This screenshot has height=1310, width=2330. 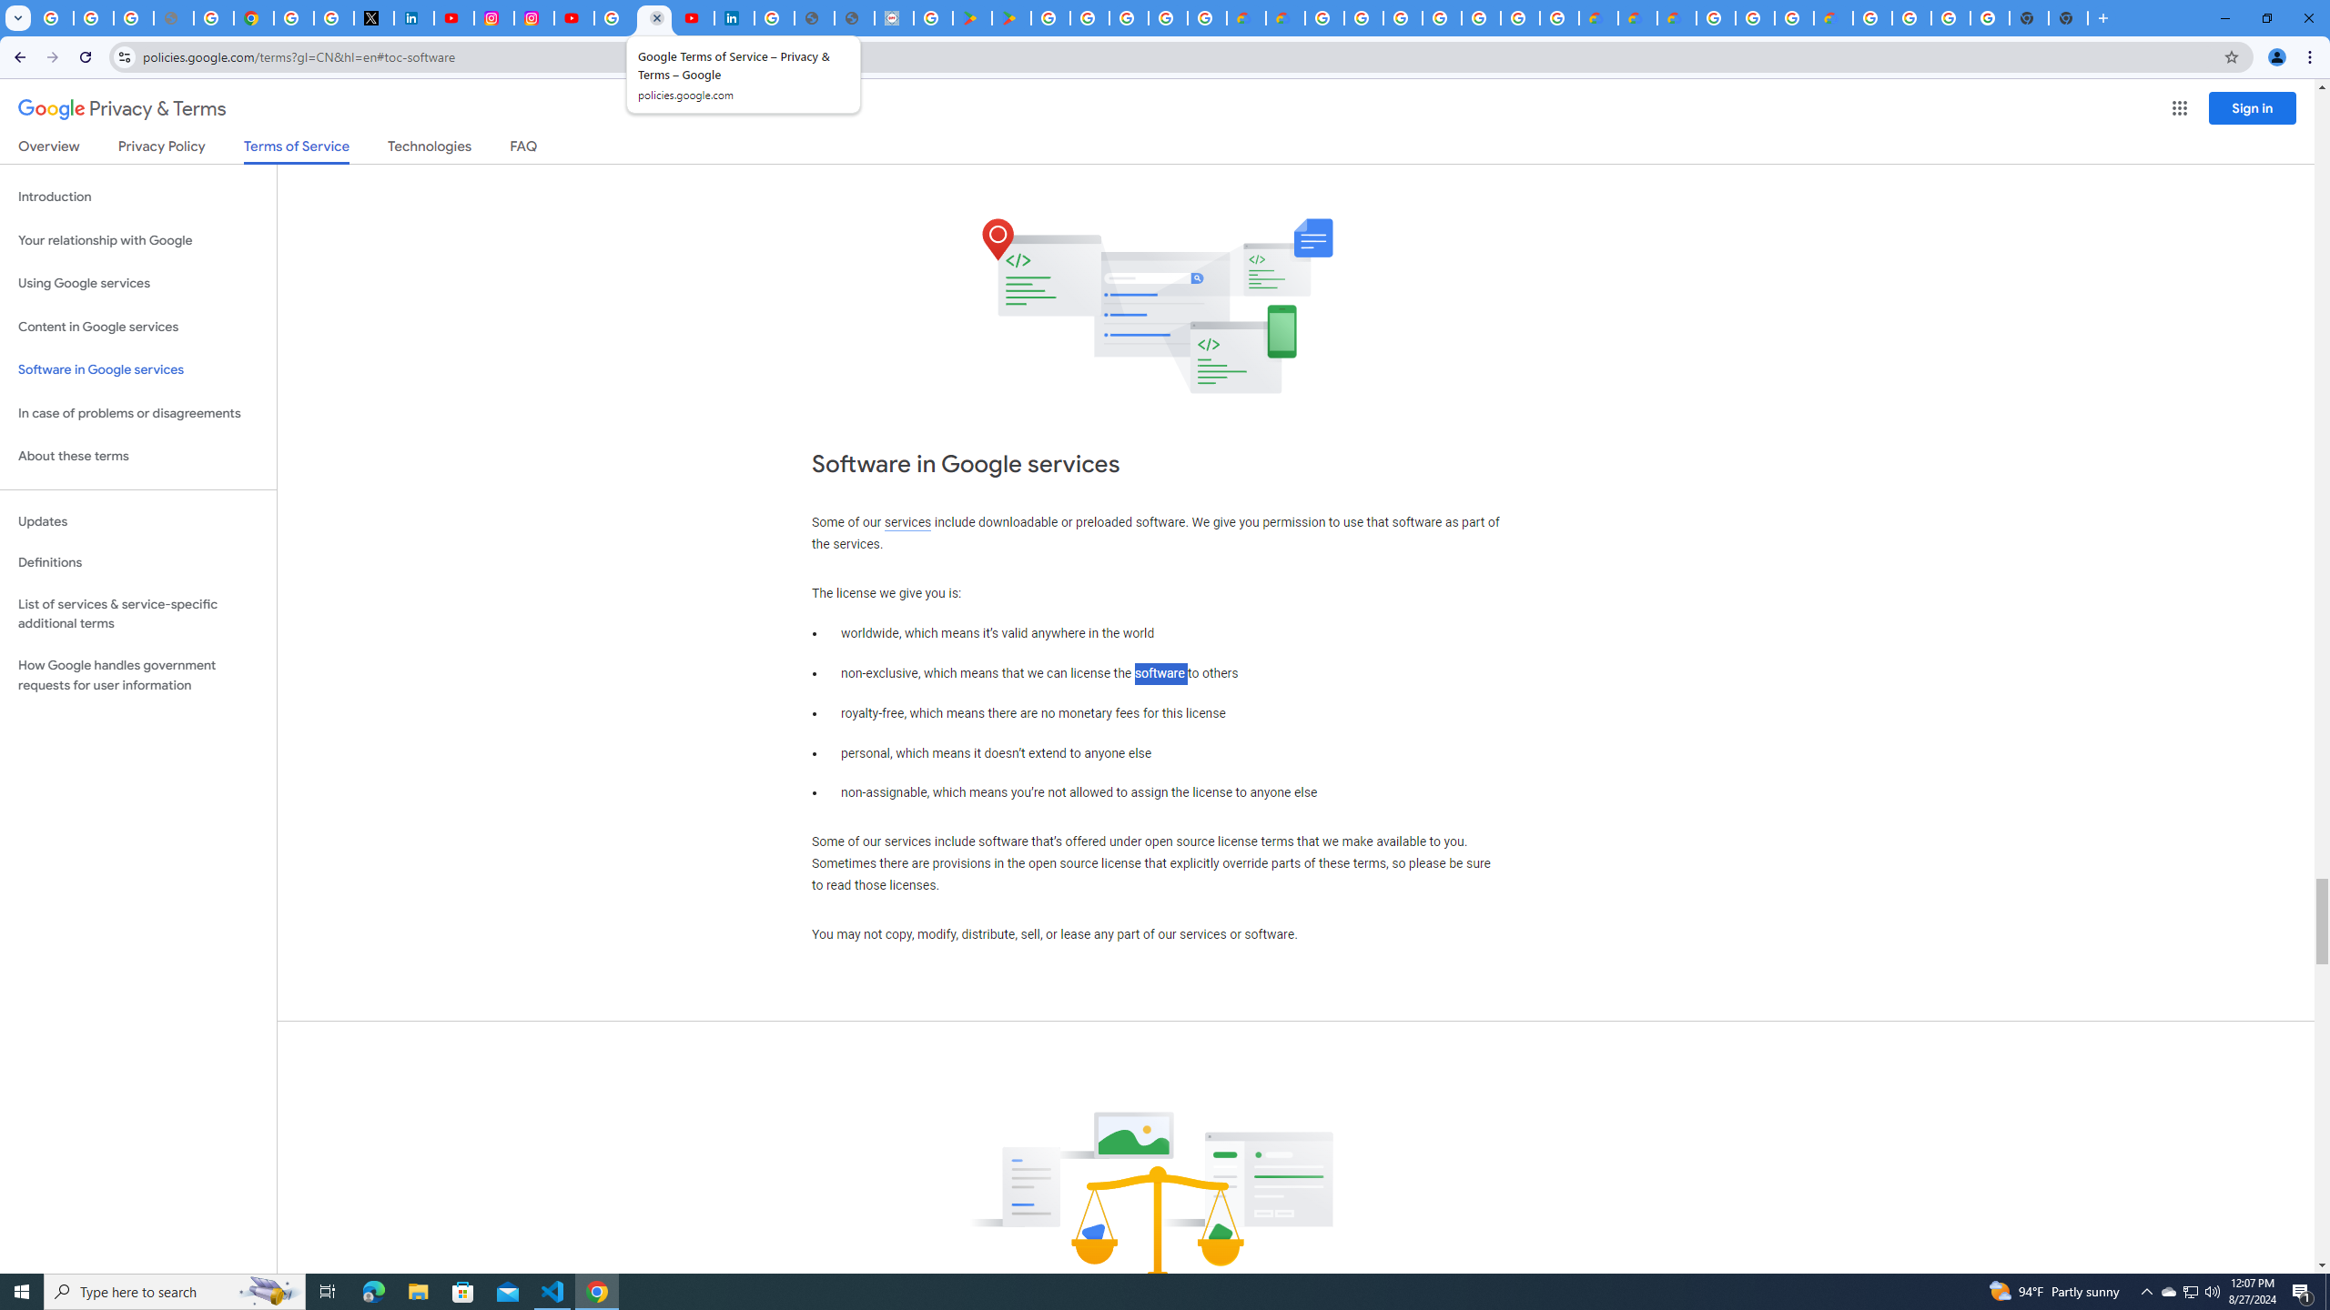 What do you see at coordinates (1754, 17) in the screenshot?
I see `'Browse Chrome as a guest - Computer - Google Chrome Help'` at bounding box center [1754, 17].